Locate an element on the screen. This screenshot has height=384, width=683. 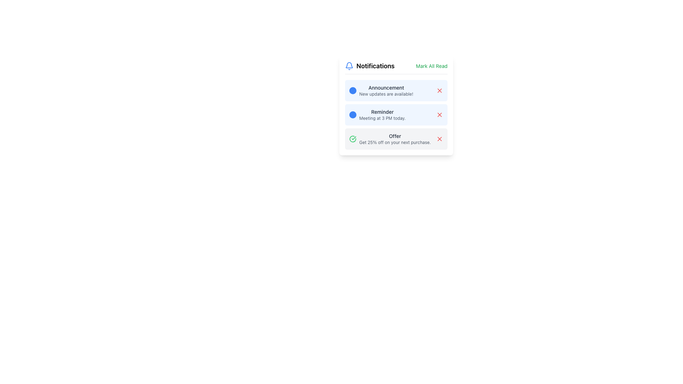
static text displaying 'Get 25% off on your next purchase.' located beneath the bolded text 'Offer' in the notification card is located at coordinates (395, 143).